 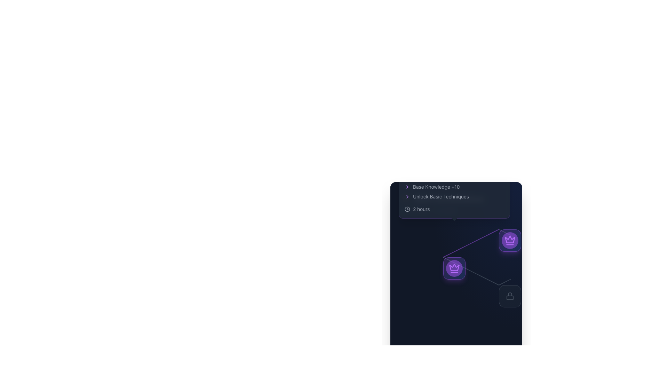 I want to click on the State indicator that shows 'Unlocked' or 'Locked' status within the 'Skill Constellation' section to get more information, so click(x=456, y=210).